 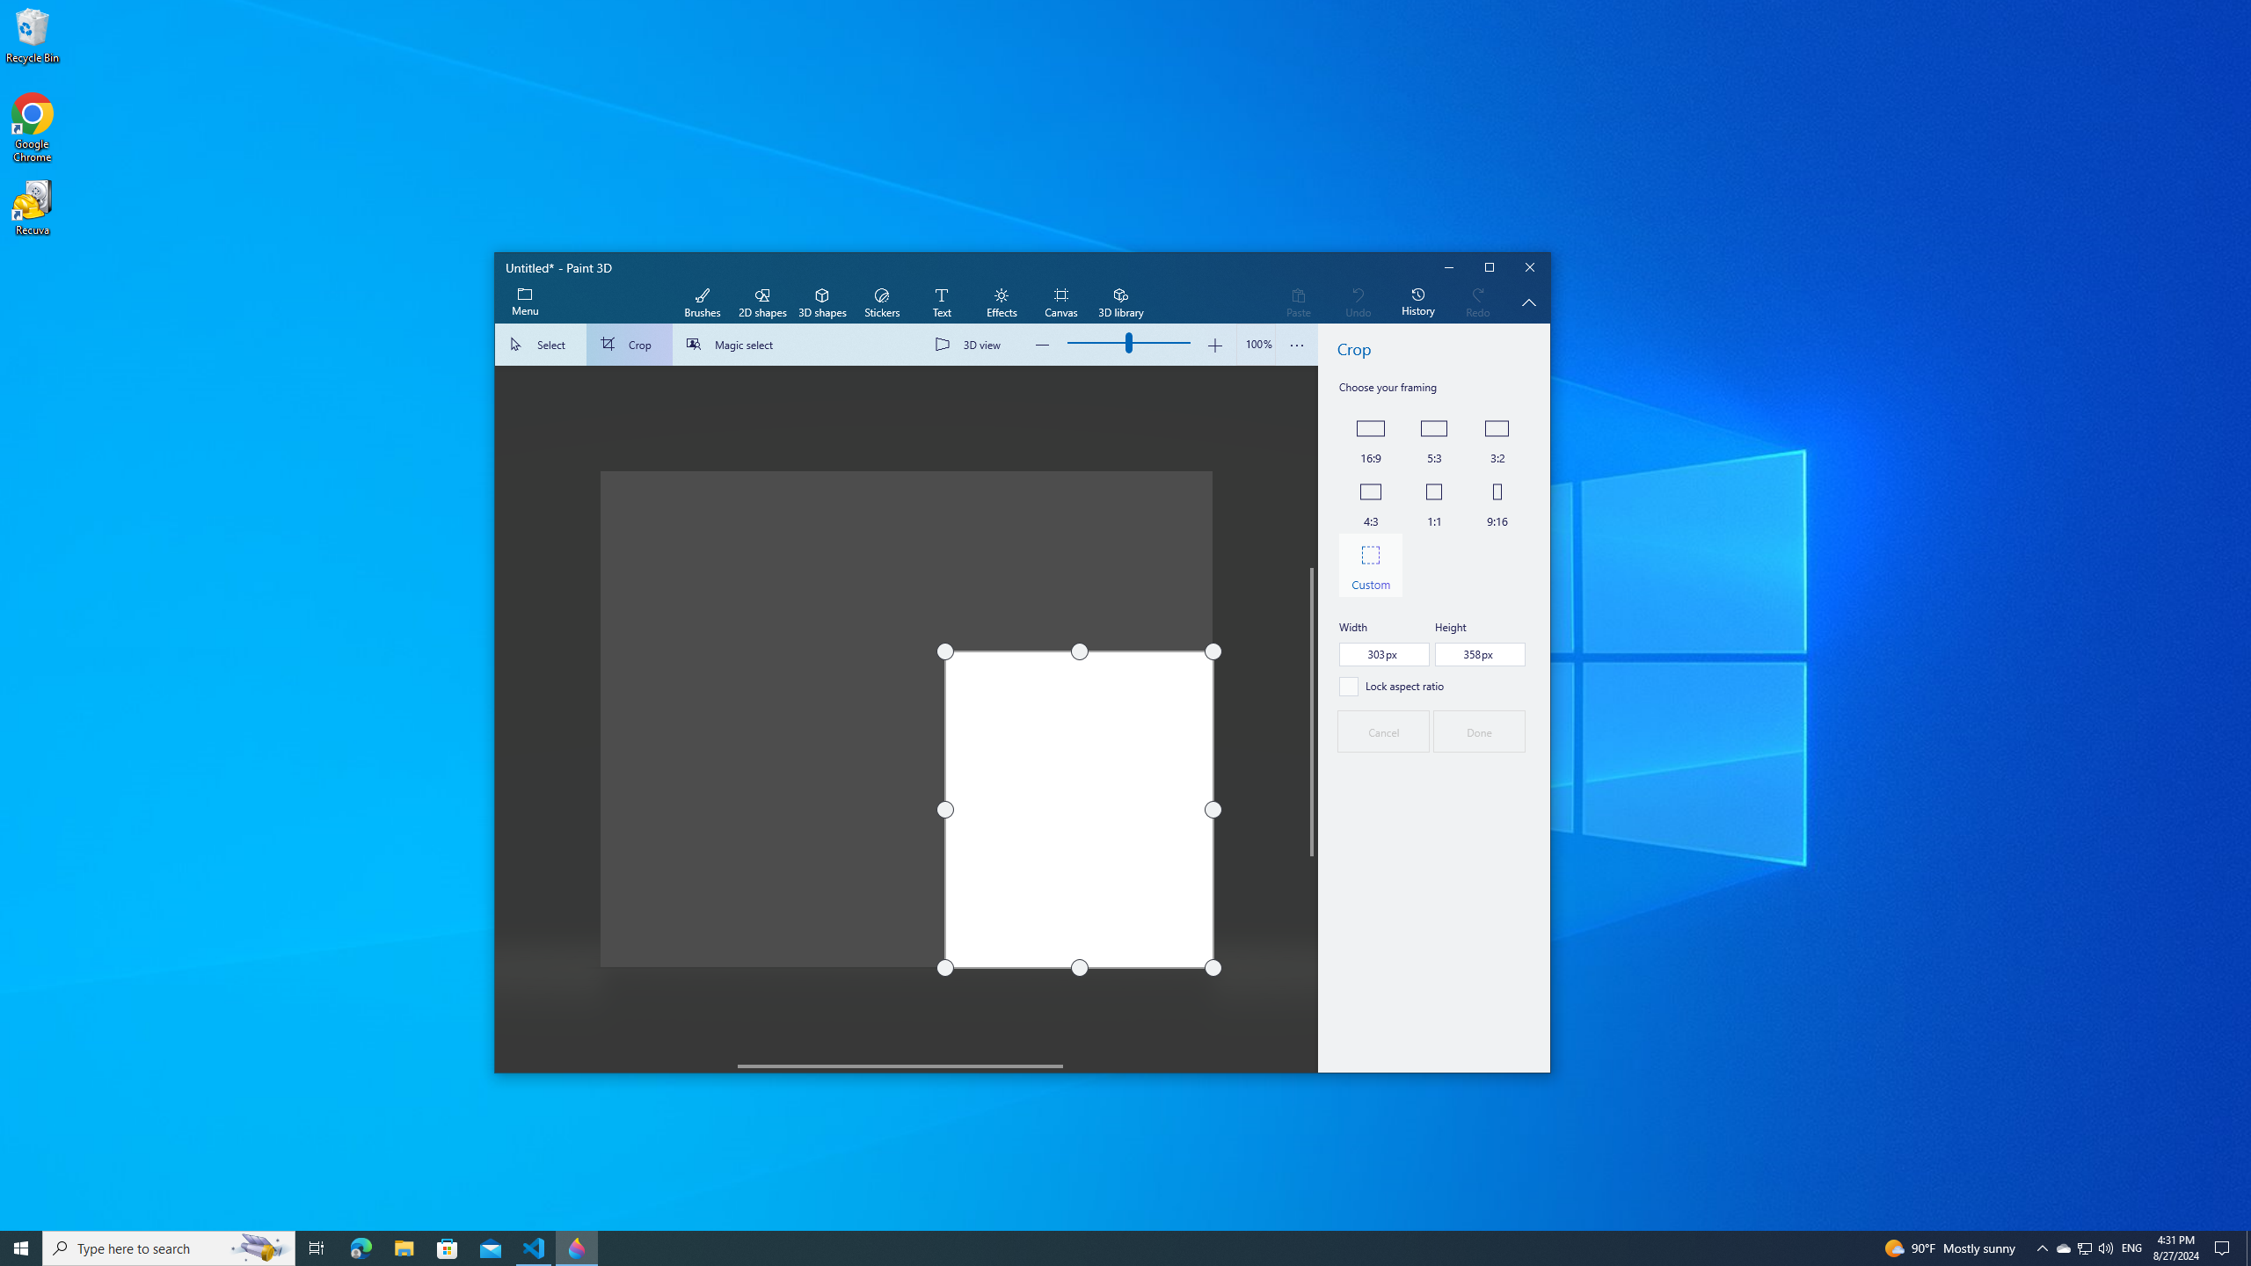 What do you see at coordinates (1433, 438) in the screenshot?
I see `'5 by 3'` at bounding box center [1433, 438].